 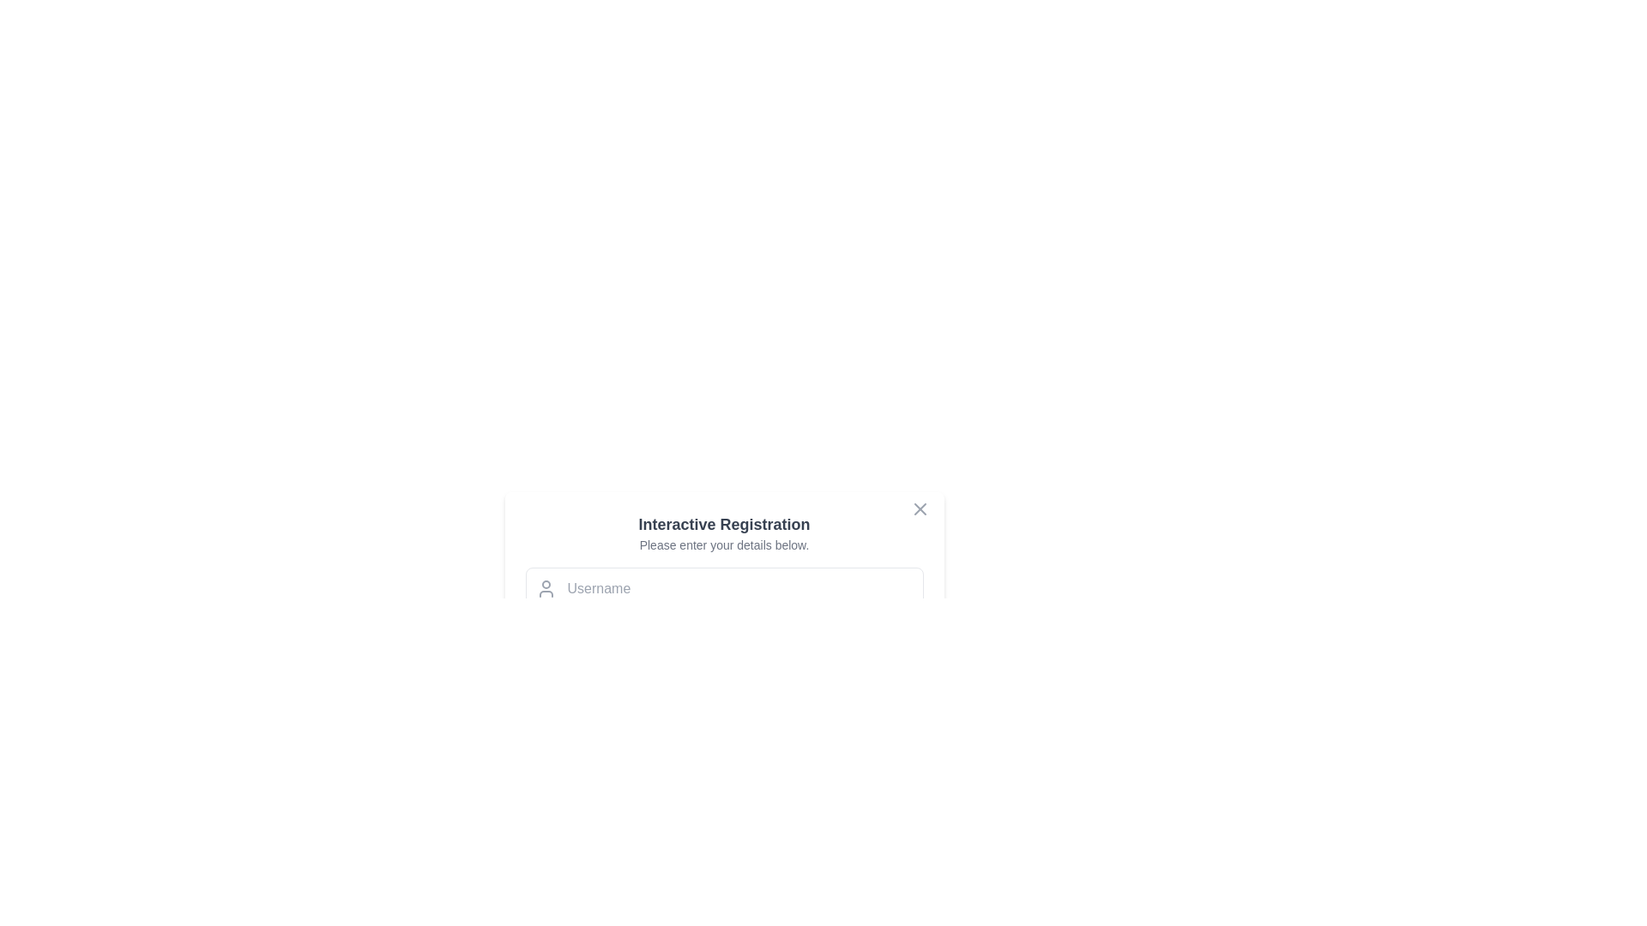 What do you see at coordinates (919, 508) in the screenshot?
I see `the close icon located in the top-right corner of the 'Interactive Registration' dialog box` at bounding box center [919, 508].